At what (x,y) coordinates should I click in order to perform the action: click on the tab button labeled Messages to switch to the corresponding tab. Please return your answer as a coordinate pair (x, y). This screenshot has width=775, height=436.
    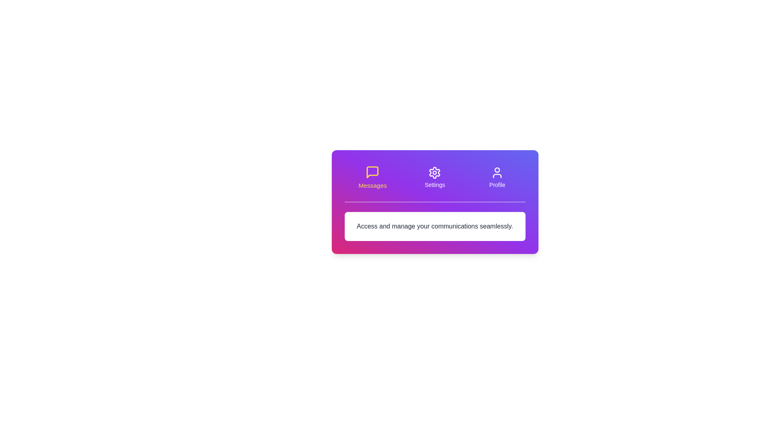
    Looking at the image, I should click on (372, 177).